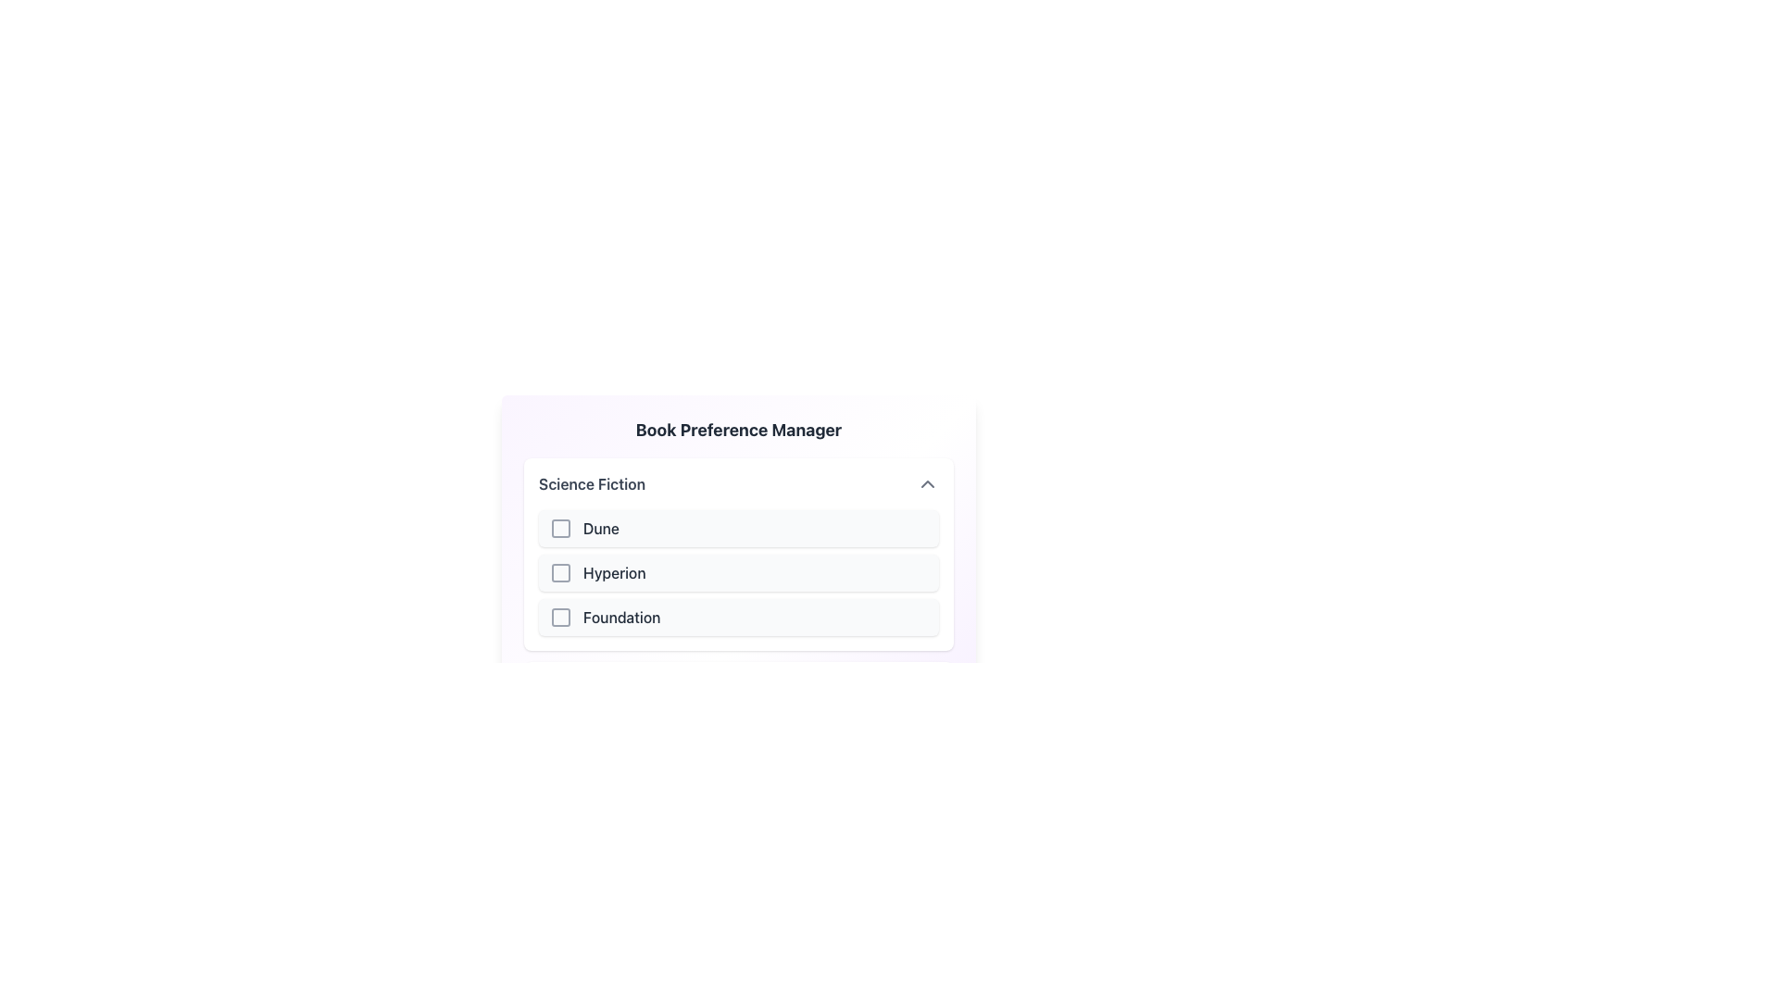 The height and width of the screenshot is (1000, 1778). What do you see at coordinates (737, 528) in the screenshot?
I see `the checkbox labeled 'Dune'` at bounding box center [737, 528].